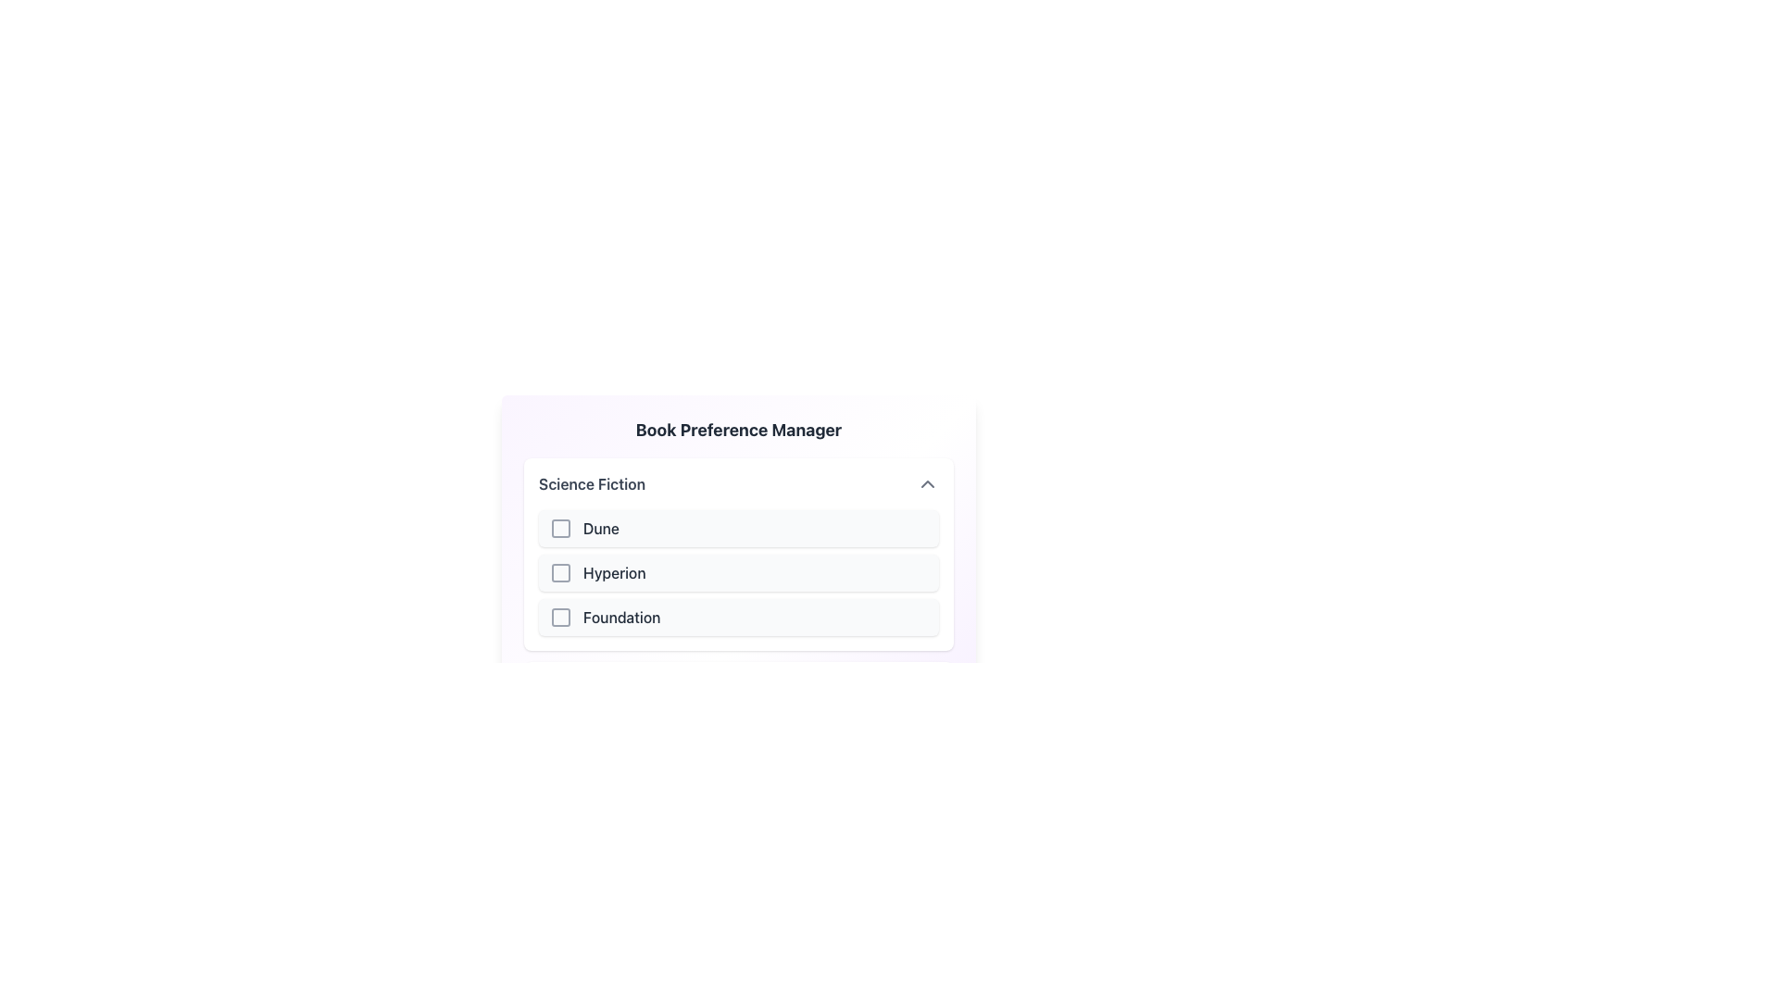 The height and width of the screenshot is (1000, 1778). What do you see at coordinates (737, 528) in the screenshot?
I see `the checkbox labeled 'Dune'` at bounding box center [737, 528].